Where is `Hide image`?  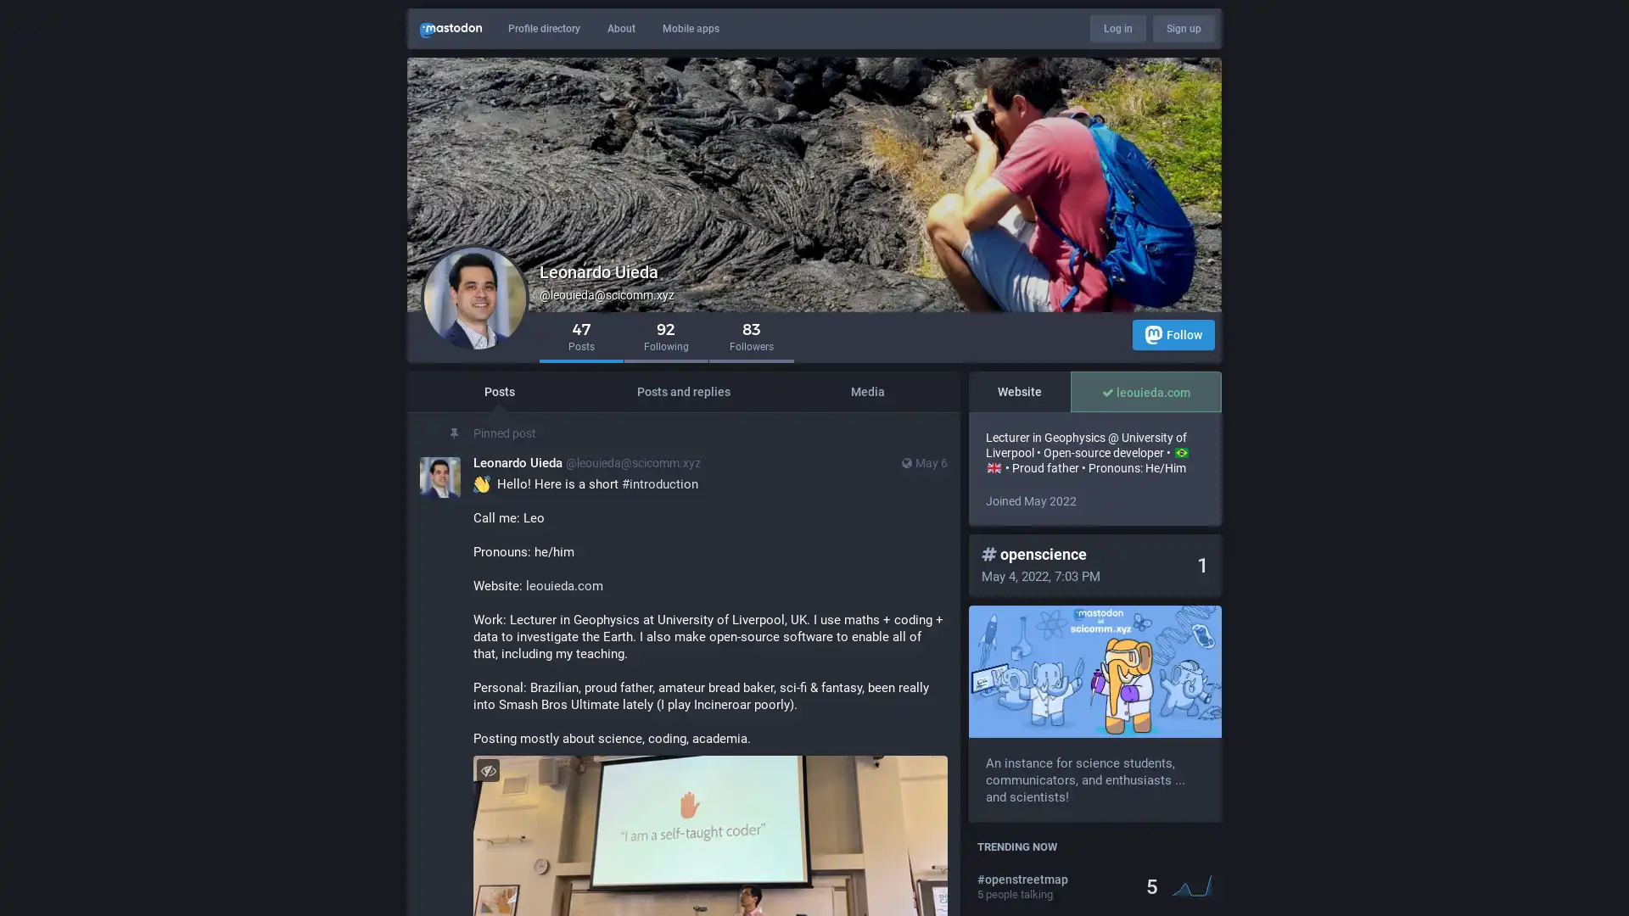 Hide image is located at coordinates (487, 770).